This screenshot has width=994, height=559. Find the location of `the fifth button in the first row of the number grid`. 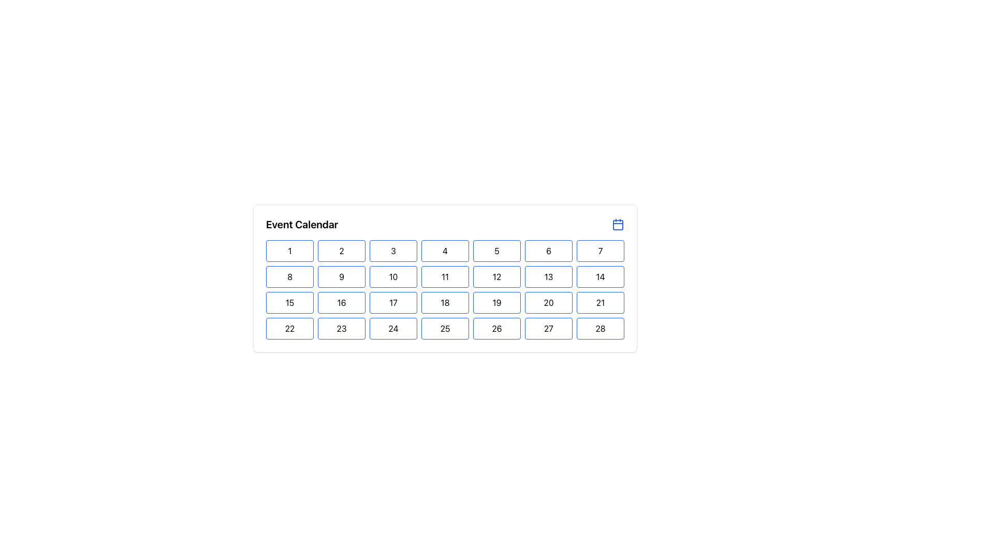

the fifth button in the first row of the number grid is located at coordinates (497, 251).